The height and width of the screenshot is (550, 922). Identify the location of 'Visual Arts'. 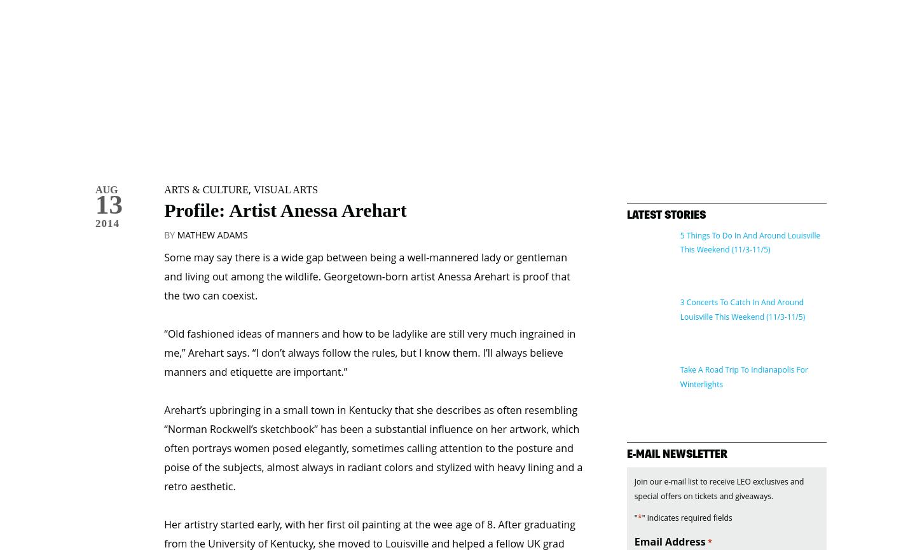
(253, 135).